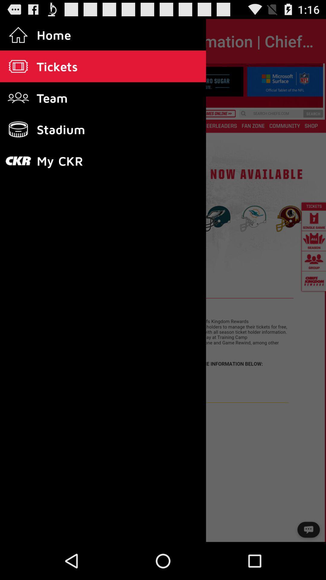 This screenshot has height=580, width=326. Describe the element at coordinates (22, 41) in the screenshot. I see `the icon to the left of season tickets information item` at that location.